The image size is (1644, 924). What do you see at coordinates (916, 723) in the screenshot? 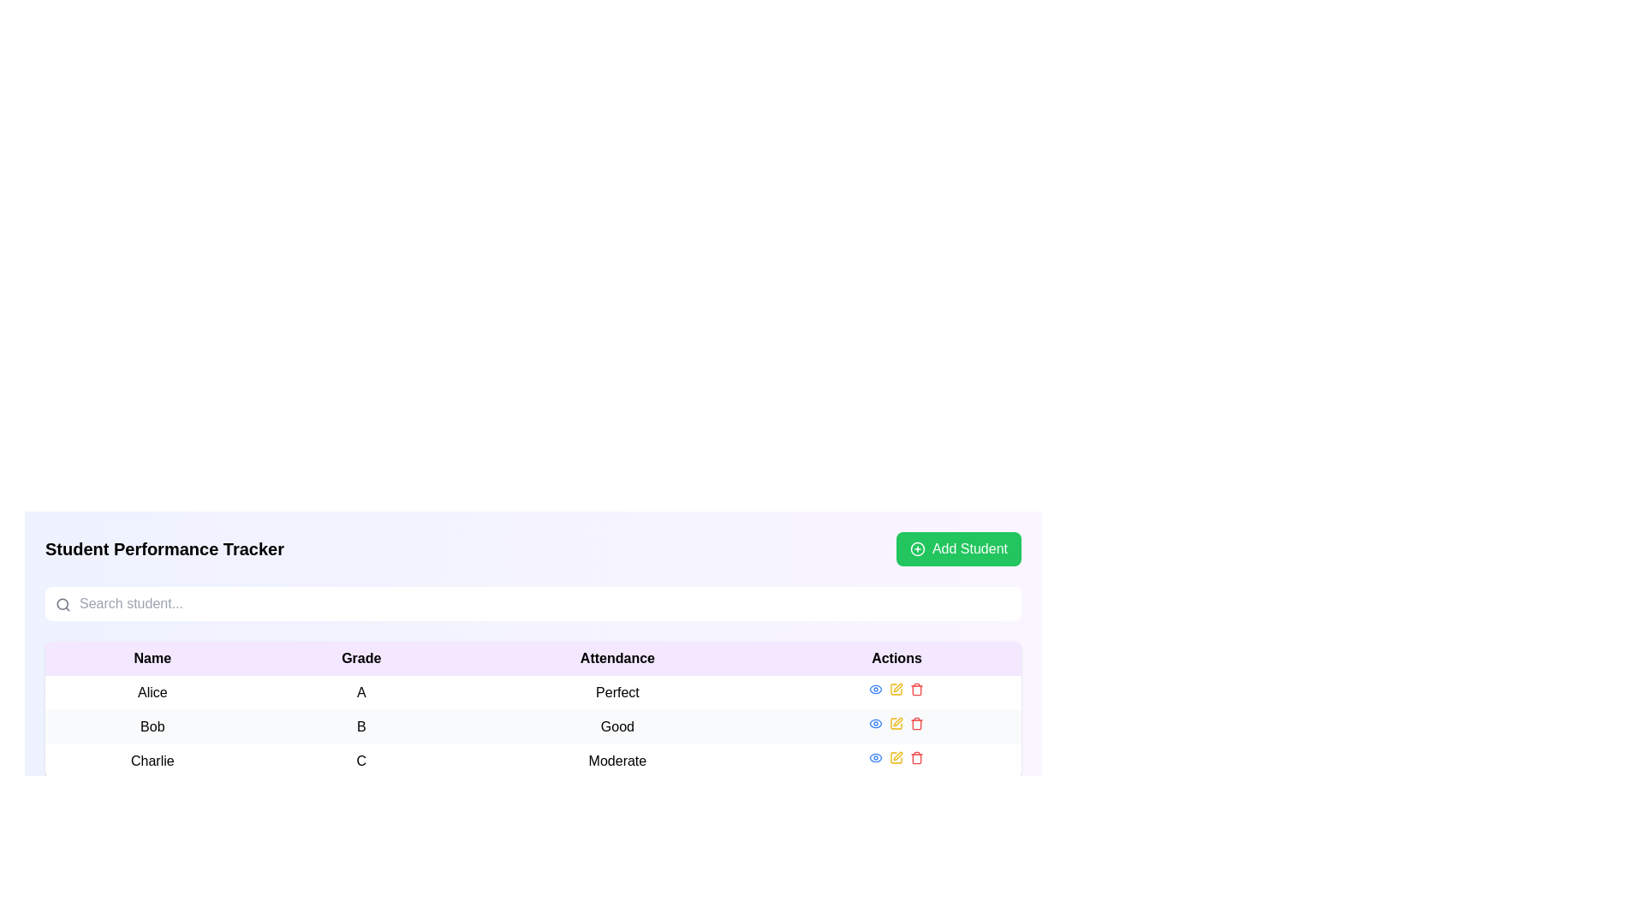
I see `the red trash can icon button located as the third interactive action button in the 'Actions' column of the second row` at bounding box center [916, 723].